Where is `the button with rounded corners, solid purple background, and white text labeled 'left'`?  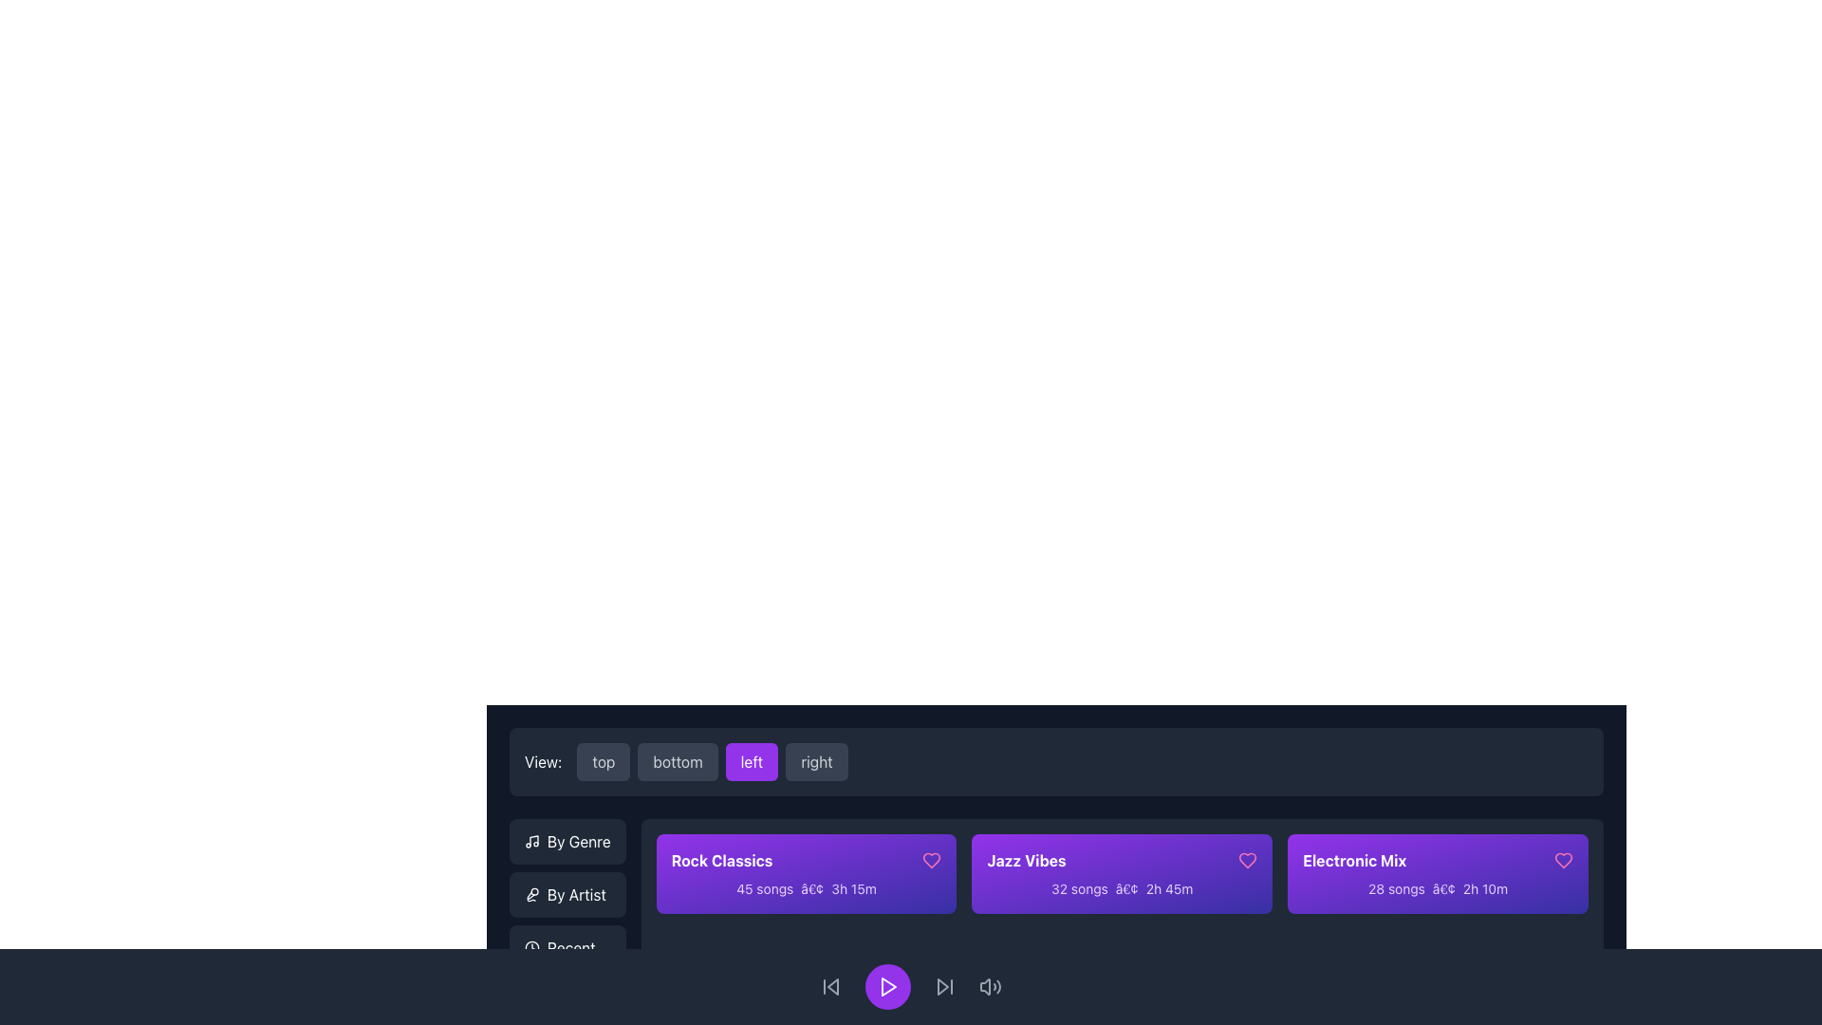
the button with rounded corners, solid purple background, and white text labeled 'left' is located at coordinates (751, 760).